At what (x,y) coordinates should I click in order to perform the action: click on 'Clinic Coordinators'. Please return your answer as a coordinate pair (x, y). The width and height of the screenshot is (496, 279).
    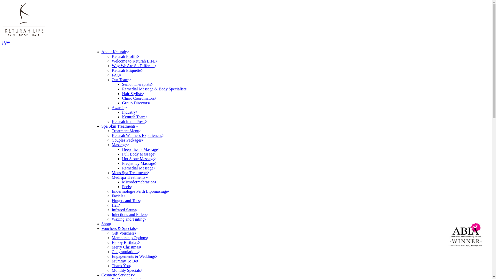
    Looking at the image, I should click on (139, 98).